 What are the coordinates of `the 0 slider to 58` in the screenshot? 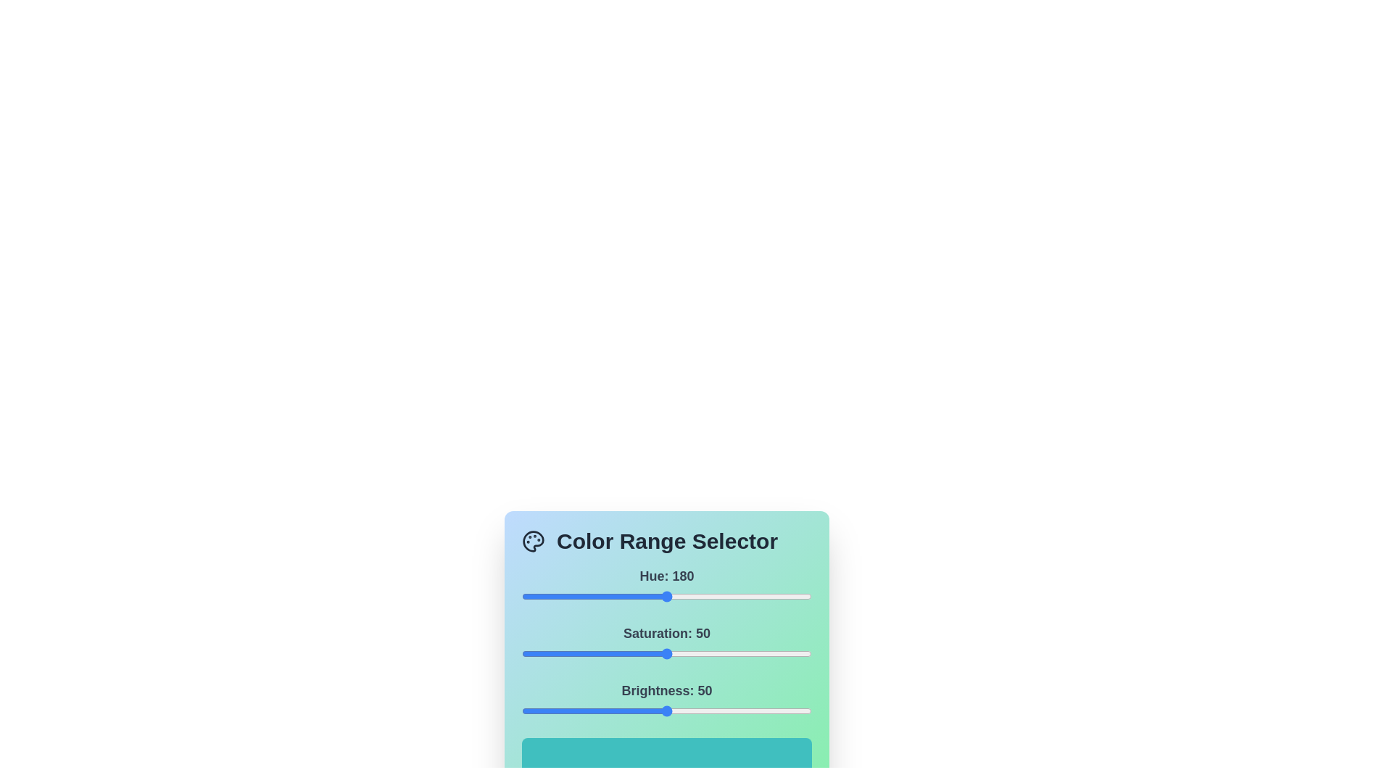 It's located at (568, 596).